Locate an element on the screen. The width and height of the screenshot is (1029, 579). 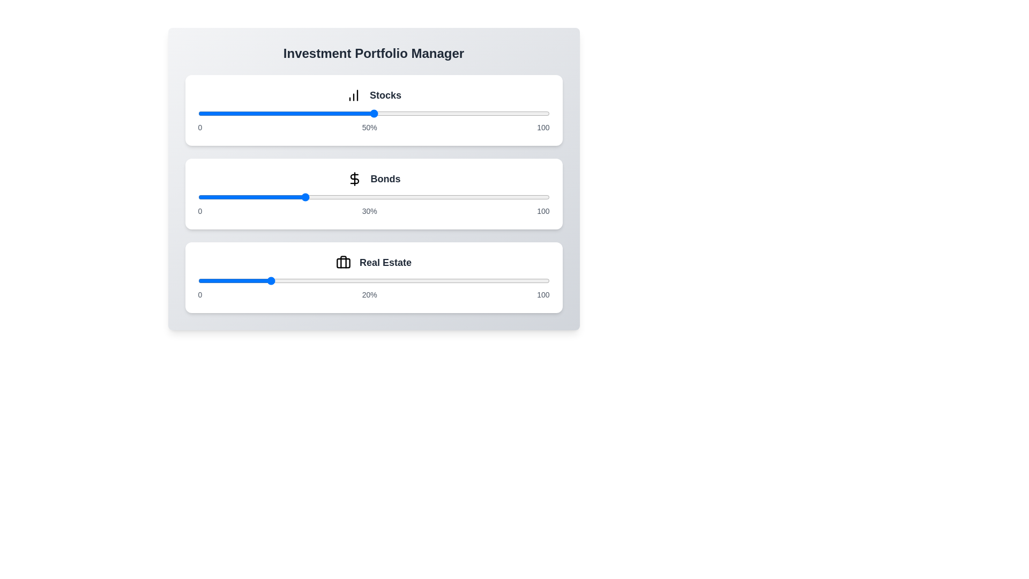
the slider for Bonds is located at coordinates (374, 197).